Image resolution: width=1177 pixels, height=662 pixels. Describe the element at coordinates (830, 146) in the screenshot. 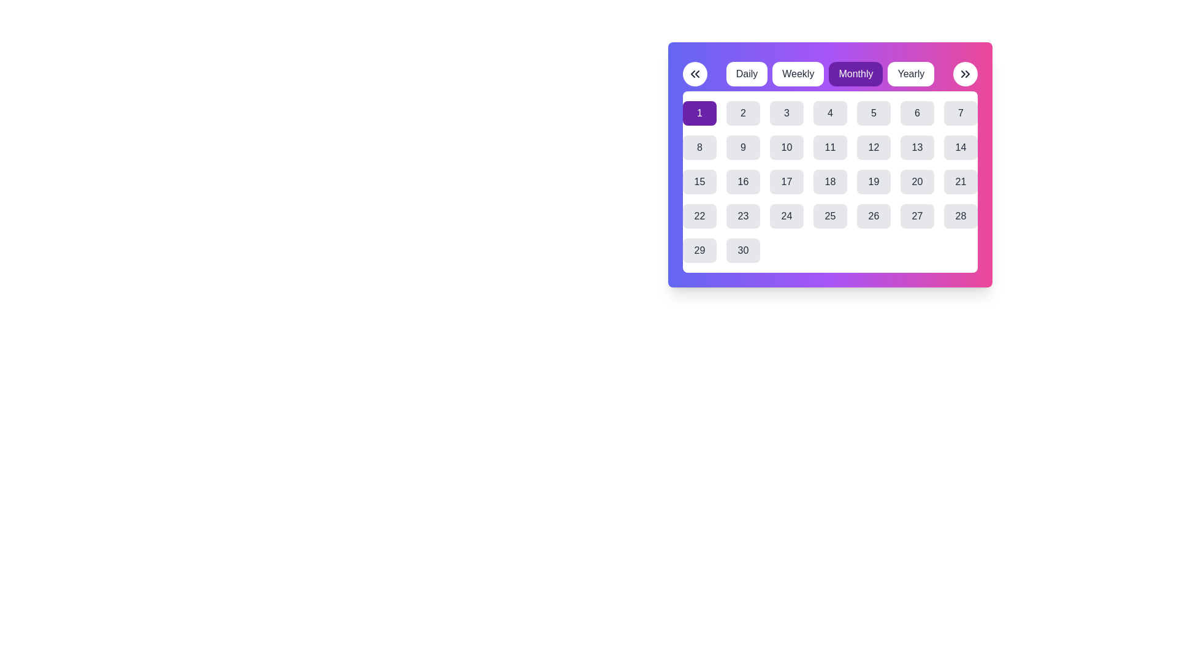

I see `the rounded rectangular button labeled '11' in the second row and fourth column of the date buttons in the calendar interface` at that location.